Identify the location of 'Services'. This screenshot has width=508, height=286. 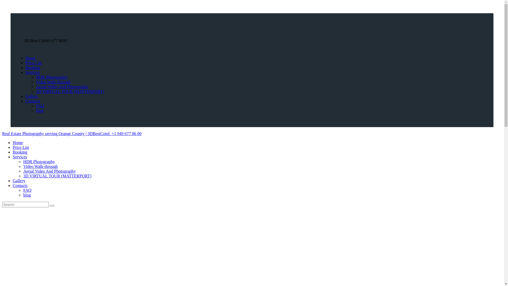
(13, 157).